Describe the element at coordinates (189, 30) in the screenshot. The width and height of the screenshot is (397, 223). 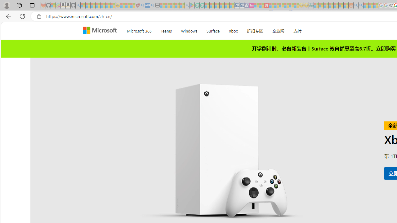
I see `'Windows'` at that location.